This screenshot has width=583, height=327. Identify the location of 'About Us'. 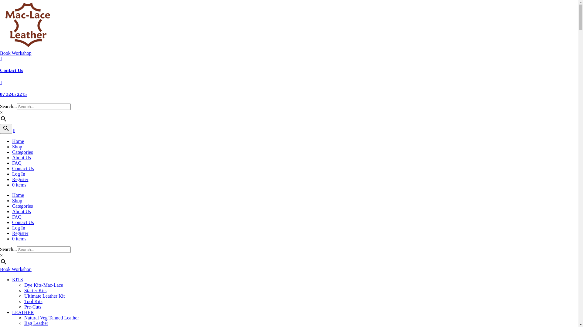
(22, 211).